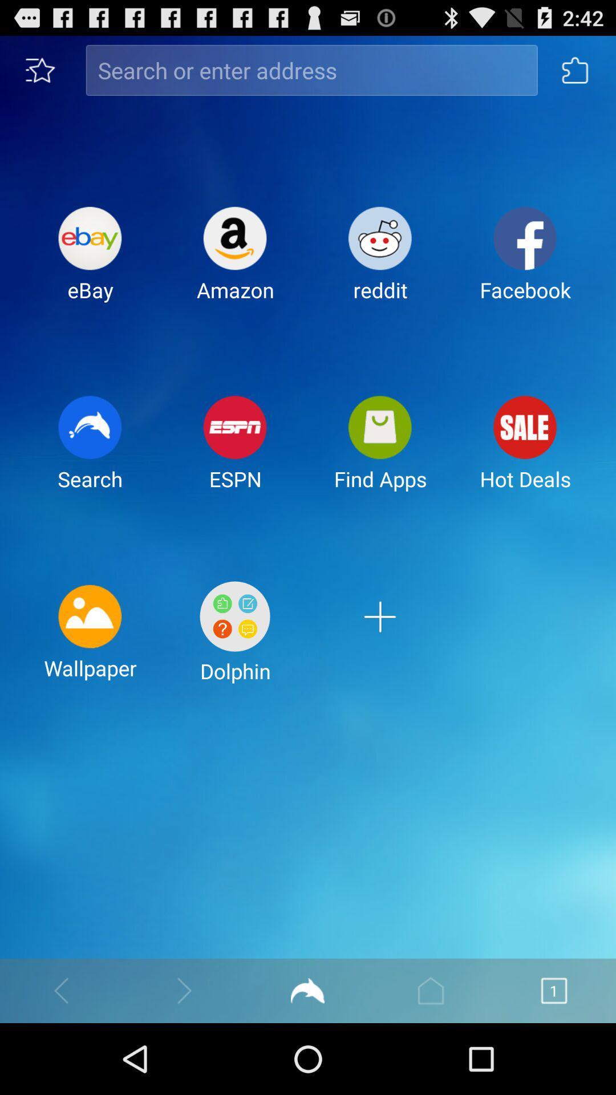 The image size is (616, 1095). What do you see at coordinates (380, 641) in the screenshot?
I see `app` at bounding box center [380, 641].